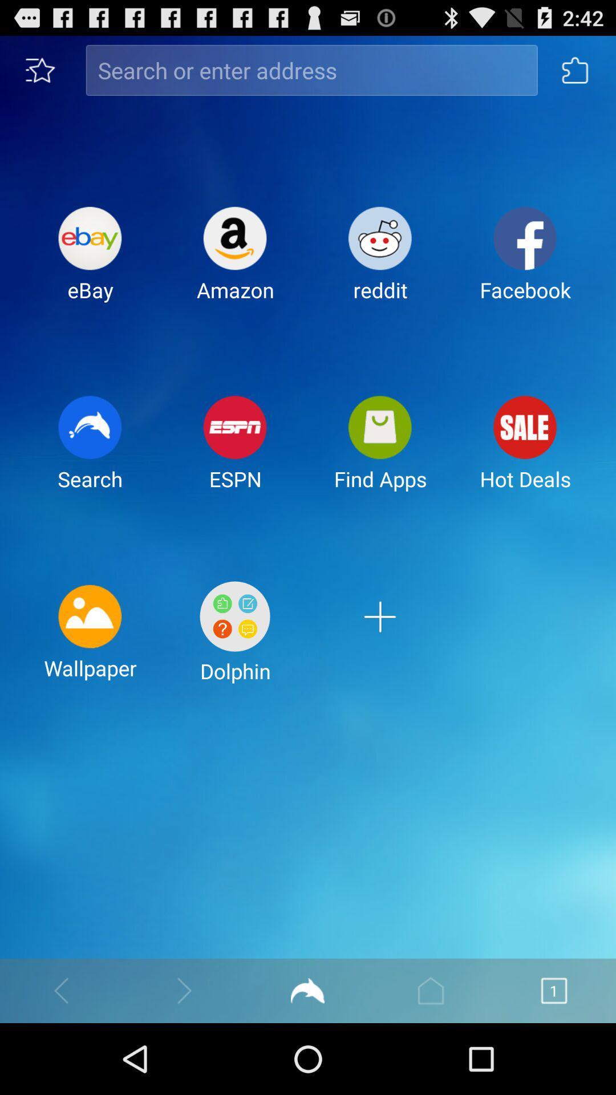 The image size is (616, 1095). What do you see at coordinates (380, 641) in the screenshot?
I see `app` at bounding box center [380, 641].